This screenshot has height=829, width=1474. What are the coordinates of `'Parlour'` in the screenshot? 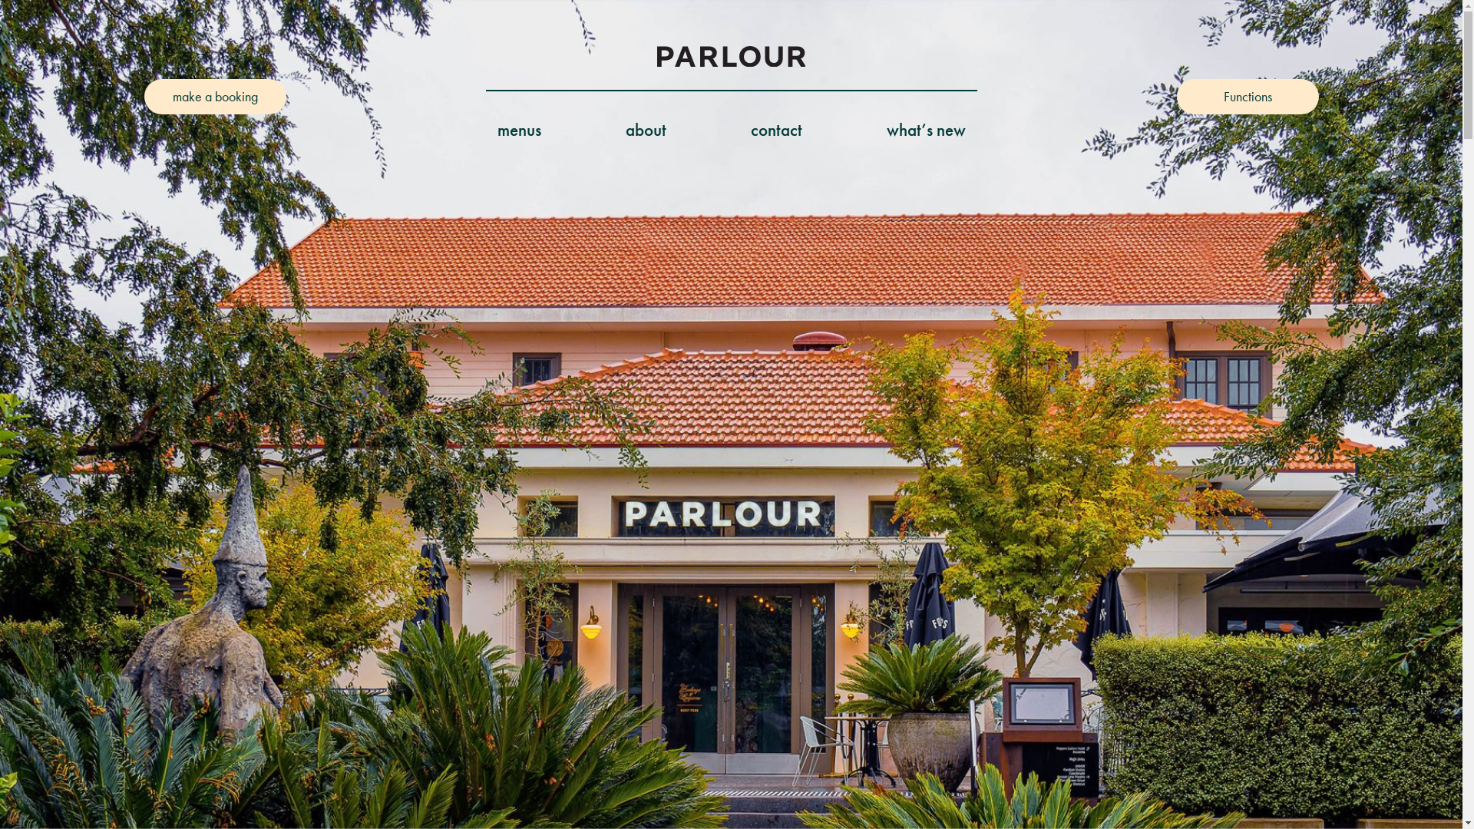 It's located at (656, 55).